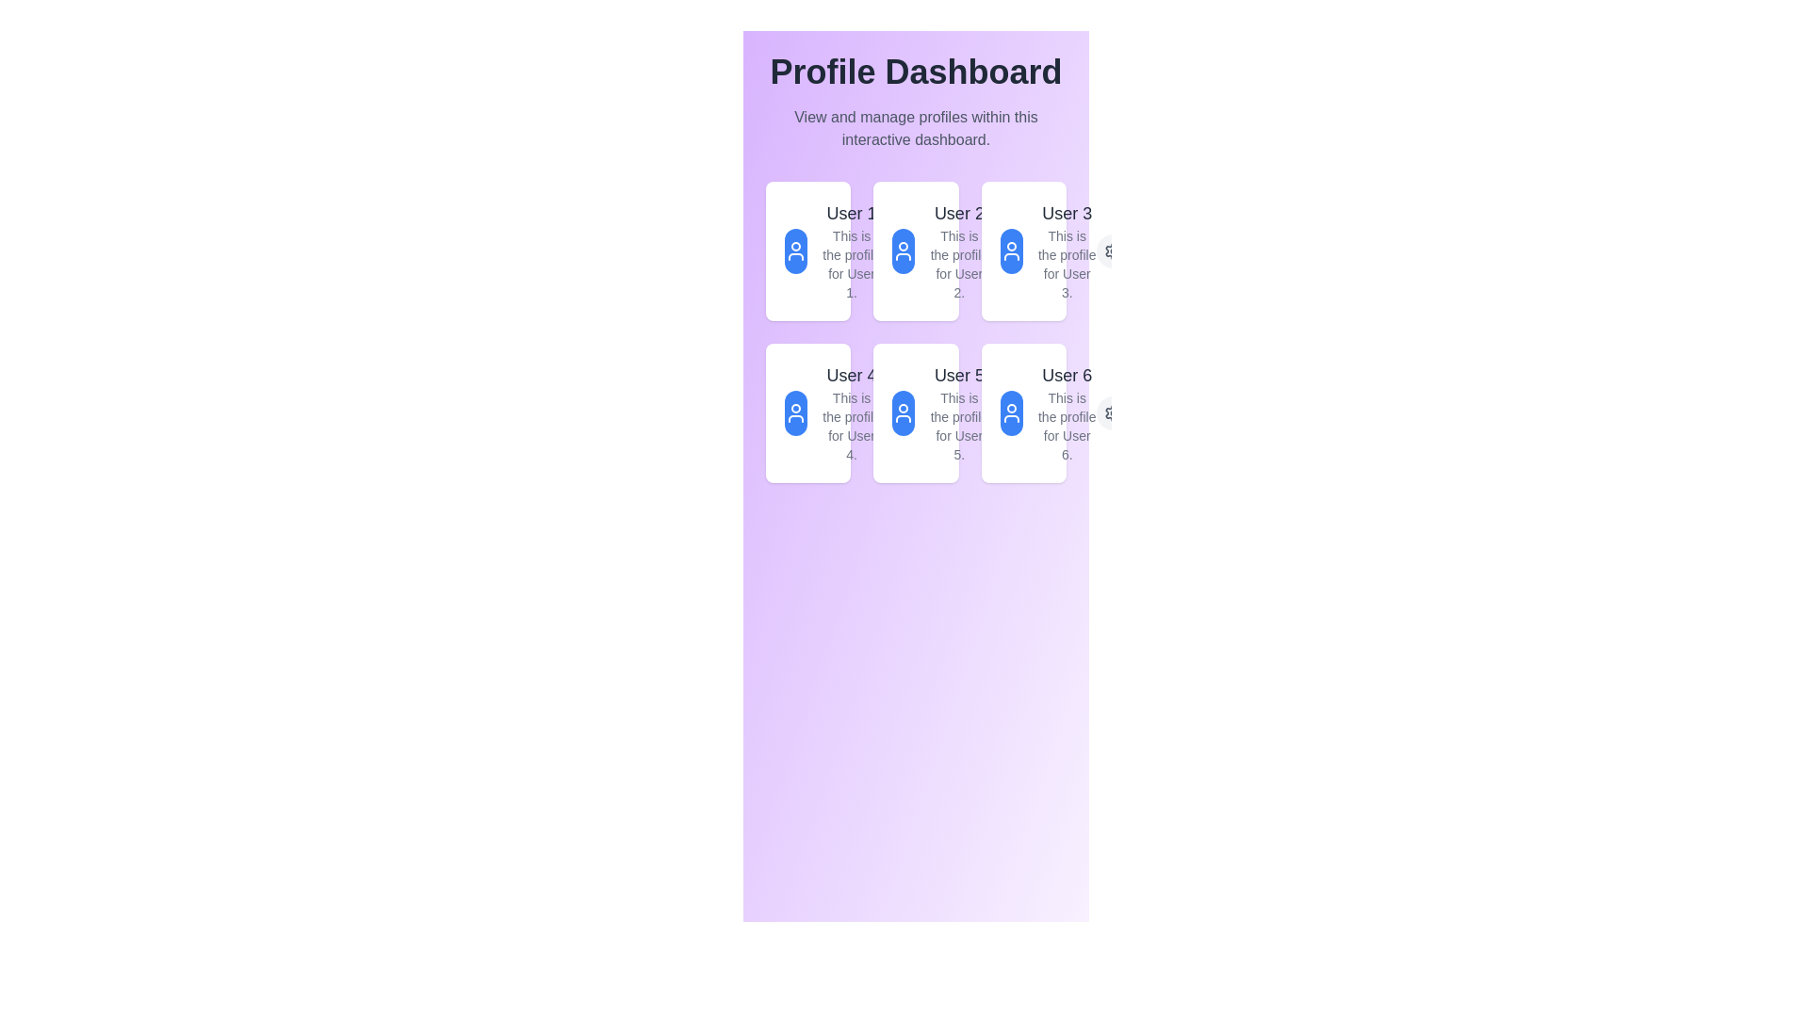 This screenshot has height=1017, width=1809. I want to click on the user profile image button in the 'User 4' card, so click(795, 412).